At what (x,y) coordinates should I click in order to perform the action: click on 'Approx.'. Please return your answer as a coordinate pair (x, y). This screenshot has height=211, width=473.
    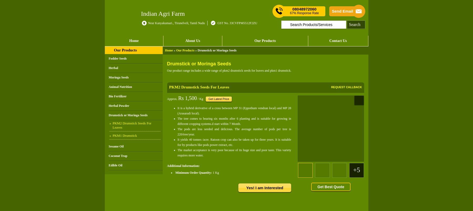
    Looking at the image, I should click on (167, 98).